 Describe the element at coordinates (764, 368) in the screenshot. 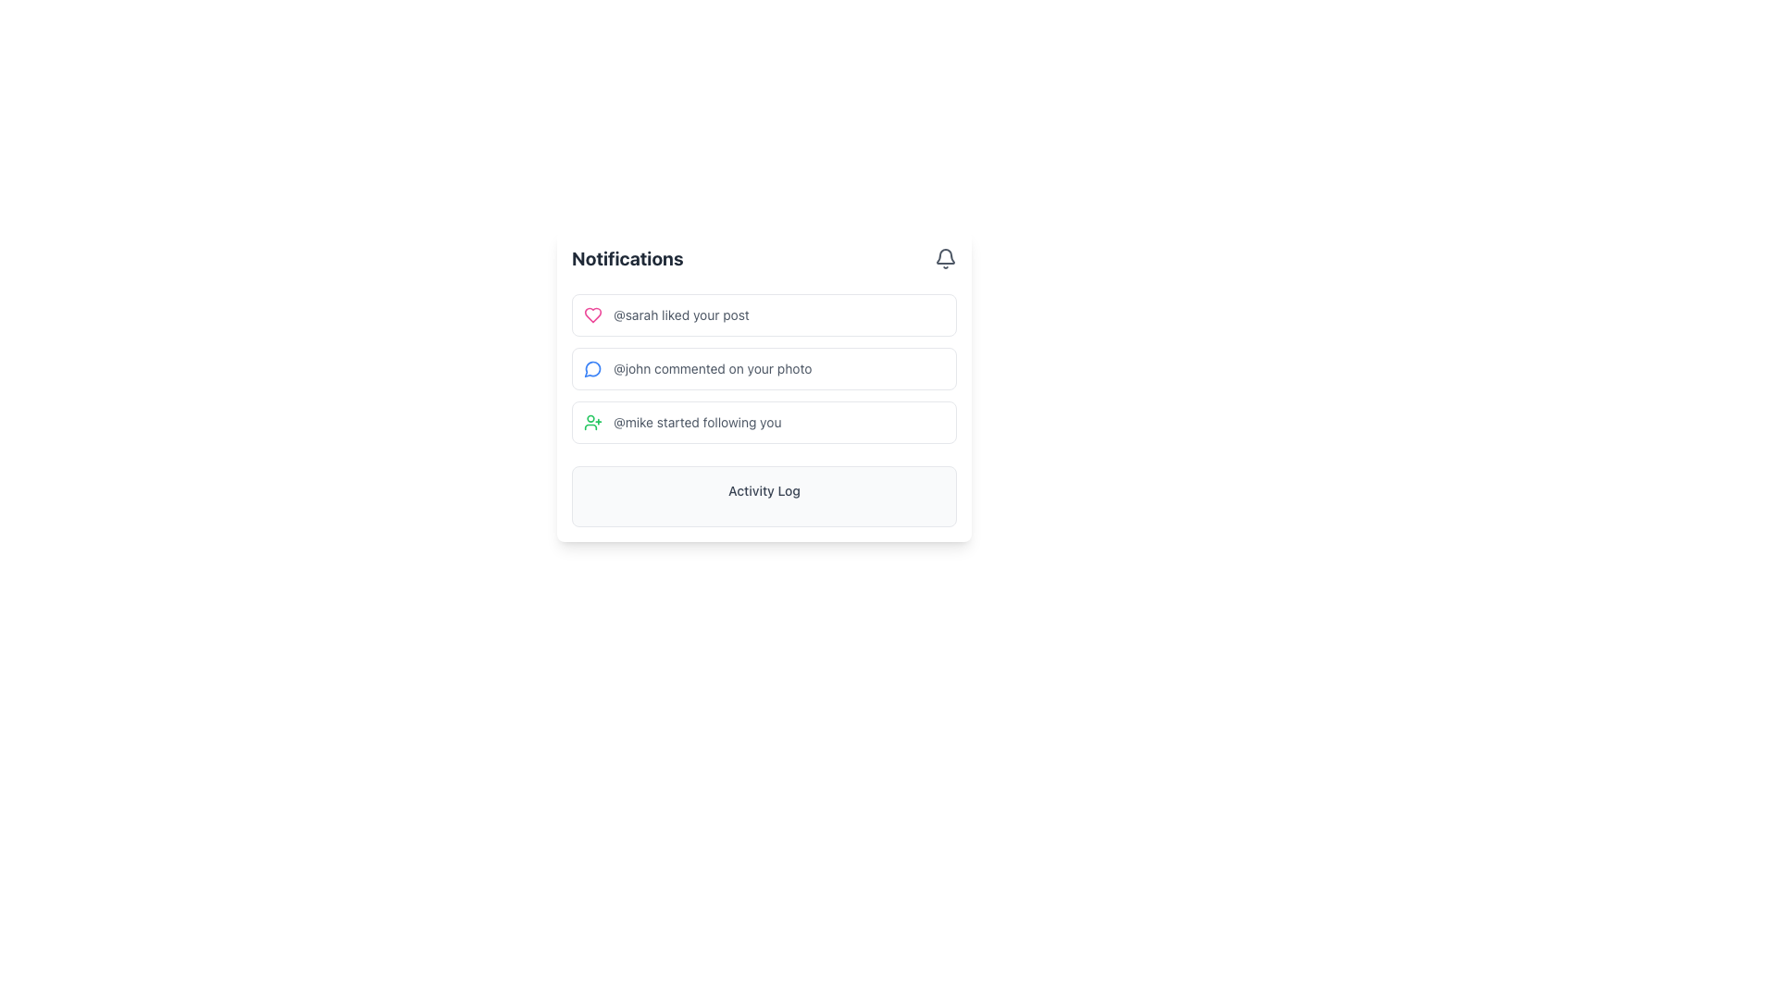

I see `the clickable notification entry displaying '@john commented on your photo'` at that location.